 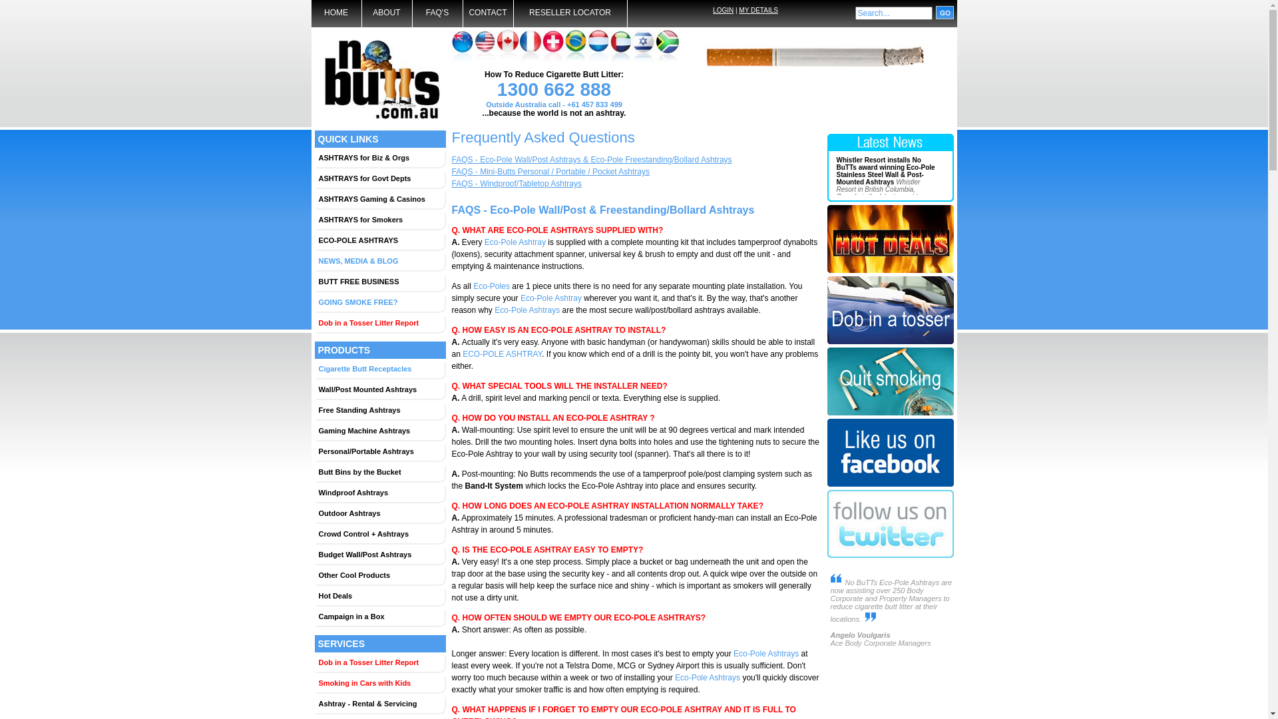 I want to click on 'Follow us on twitter', so click(x=890, y=525).